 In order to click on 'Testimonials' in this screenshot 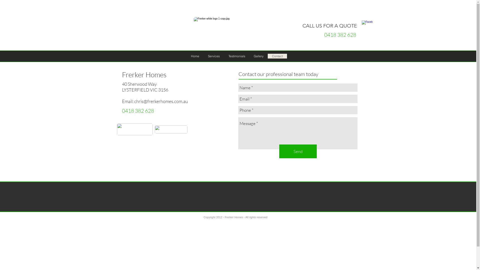, I will do `click(224, 56)`.